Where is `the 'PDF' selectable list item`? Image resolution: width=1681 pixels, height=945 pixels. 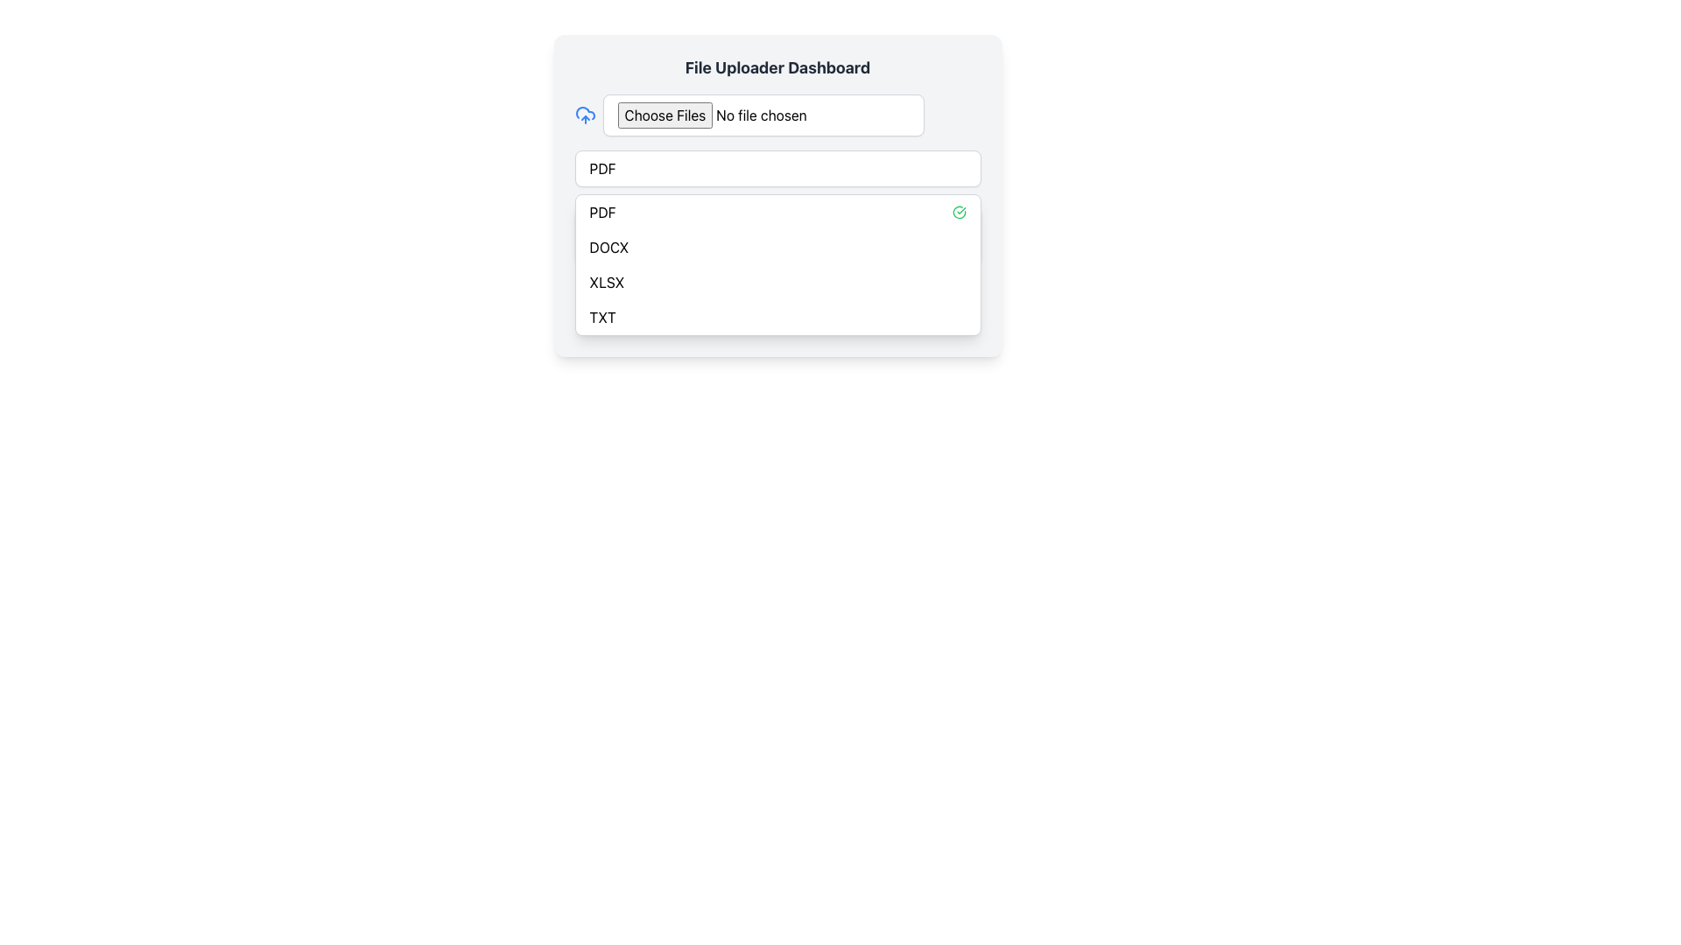
the 'PDF' selectable list item is located at coordinates (601, 168).